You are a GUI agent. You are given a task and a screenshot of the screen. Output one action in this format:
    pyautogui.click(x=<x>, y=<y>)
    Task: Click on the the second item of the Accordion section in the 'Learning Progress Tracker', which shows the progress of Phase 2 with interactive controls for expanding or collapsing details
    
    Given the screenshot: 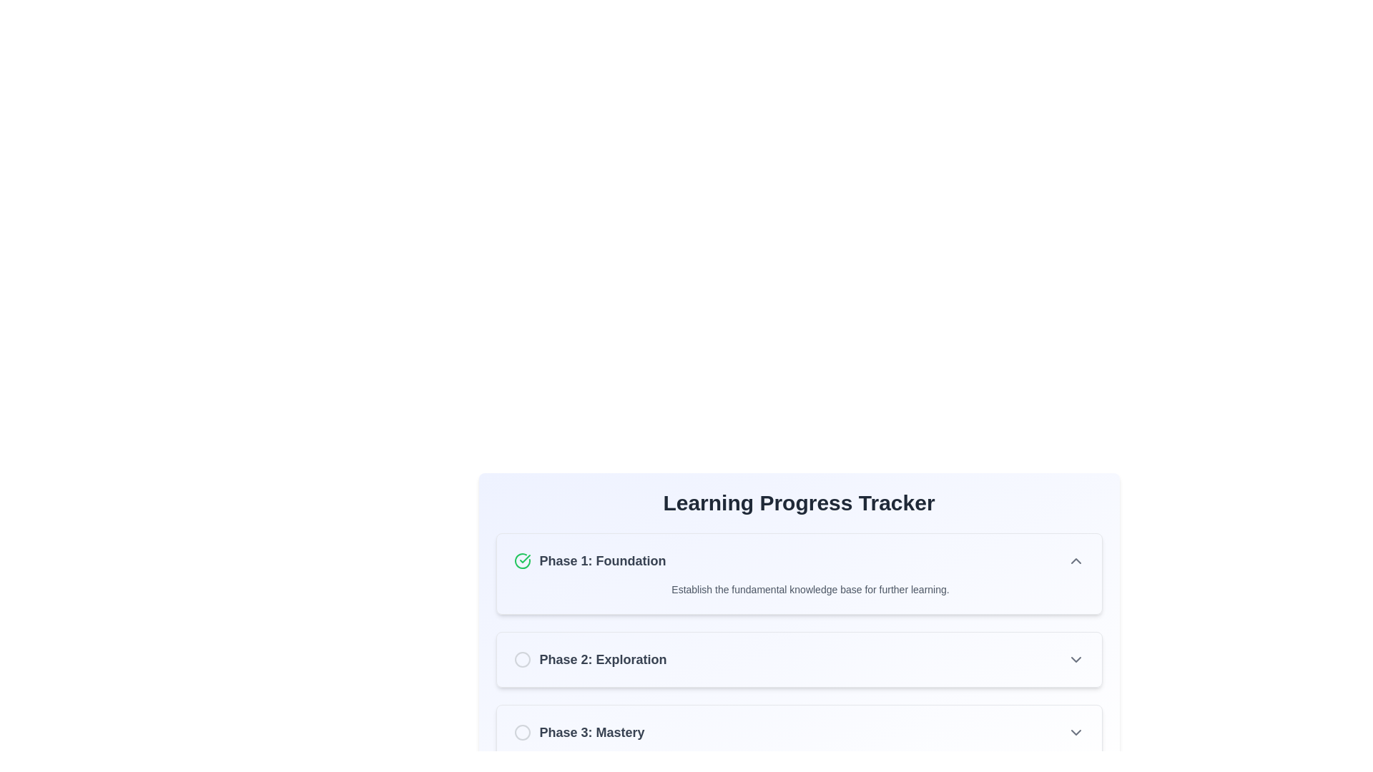 What is the action you would take?
    pyautogui.click(x=798, y=647)
    